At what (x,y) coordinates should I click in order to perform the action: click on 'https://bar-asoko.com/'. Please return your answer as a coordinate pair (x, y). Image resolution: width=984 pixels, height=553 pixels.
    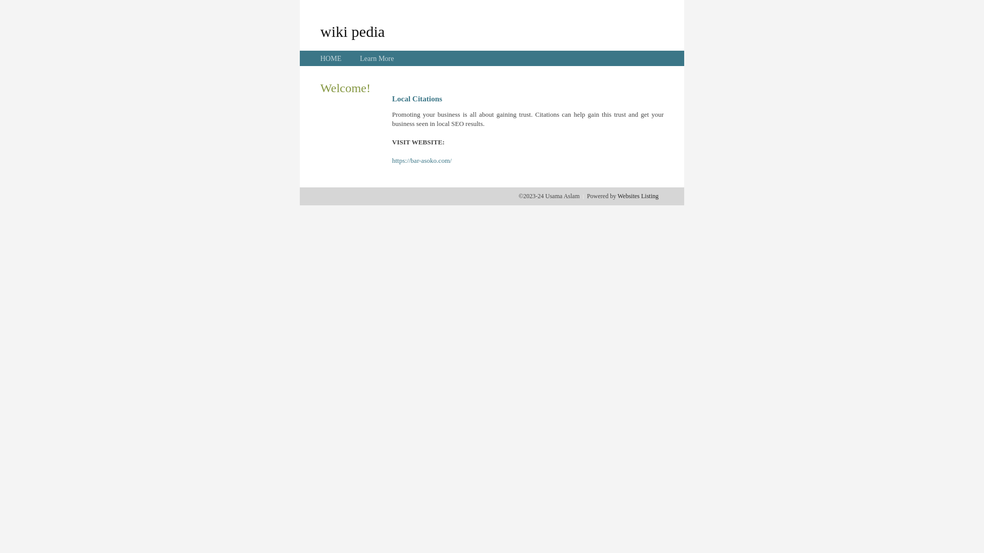
    Looking at the image, I should click on (421, 160).